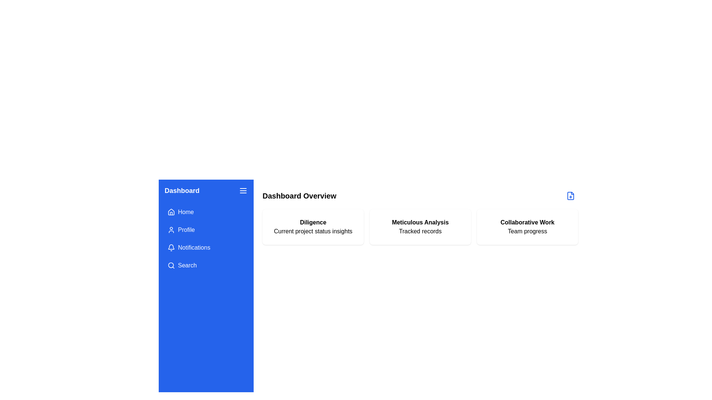 The height and width of the screenshot is (400, 712). I want to click on the 'Profile' menu button located in the left-side navigation bar, which contains the user profile silhouette icon, so click(171, 230).